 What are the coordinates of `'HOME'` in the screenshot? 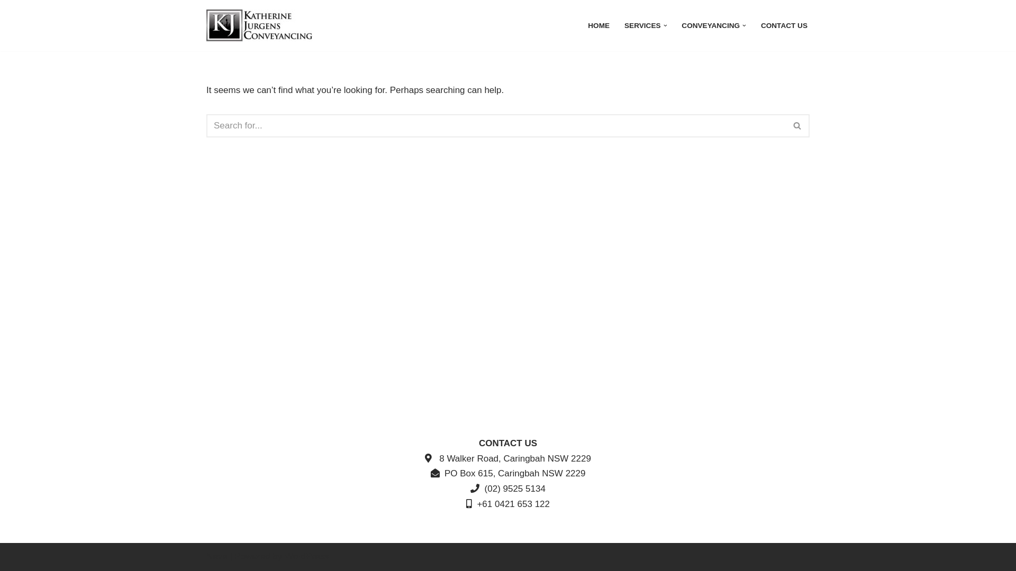 It's located at (598, 25).